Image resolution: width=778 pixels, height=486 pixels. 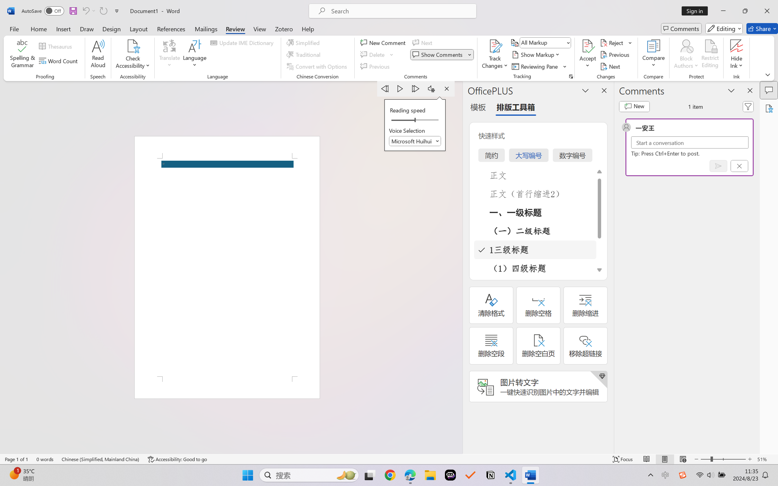 I want to click on 'Editing', so click(x=724, y=28).